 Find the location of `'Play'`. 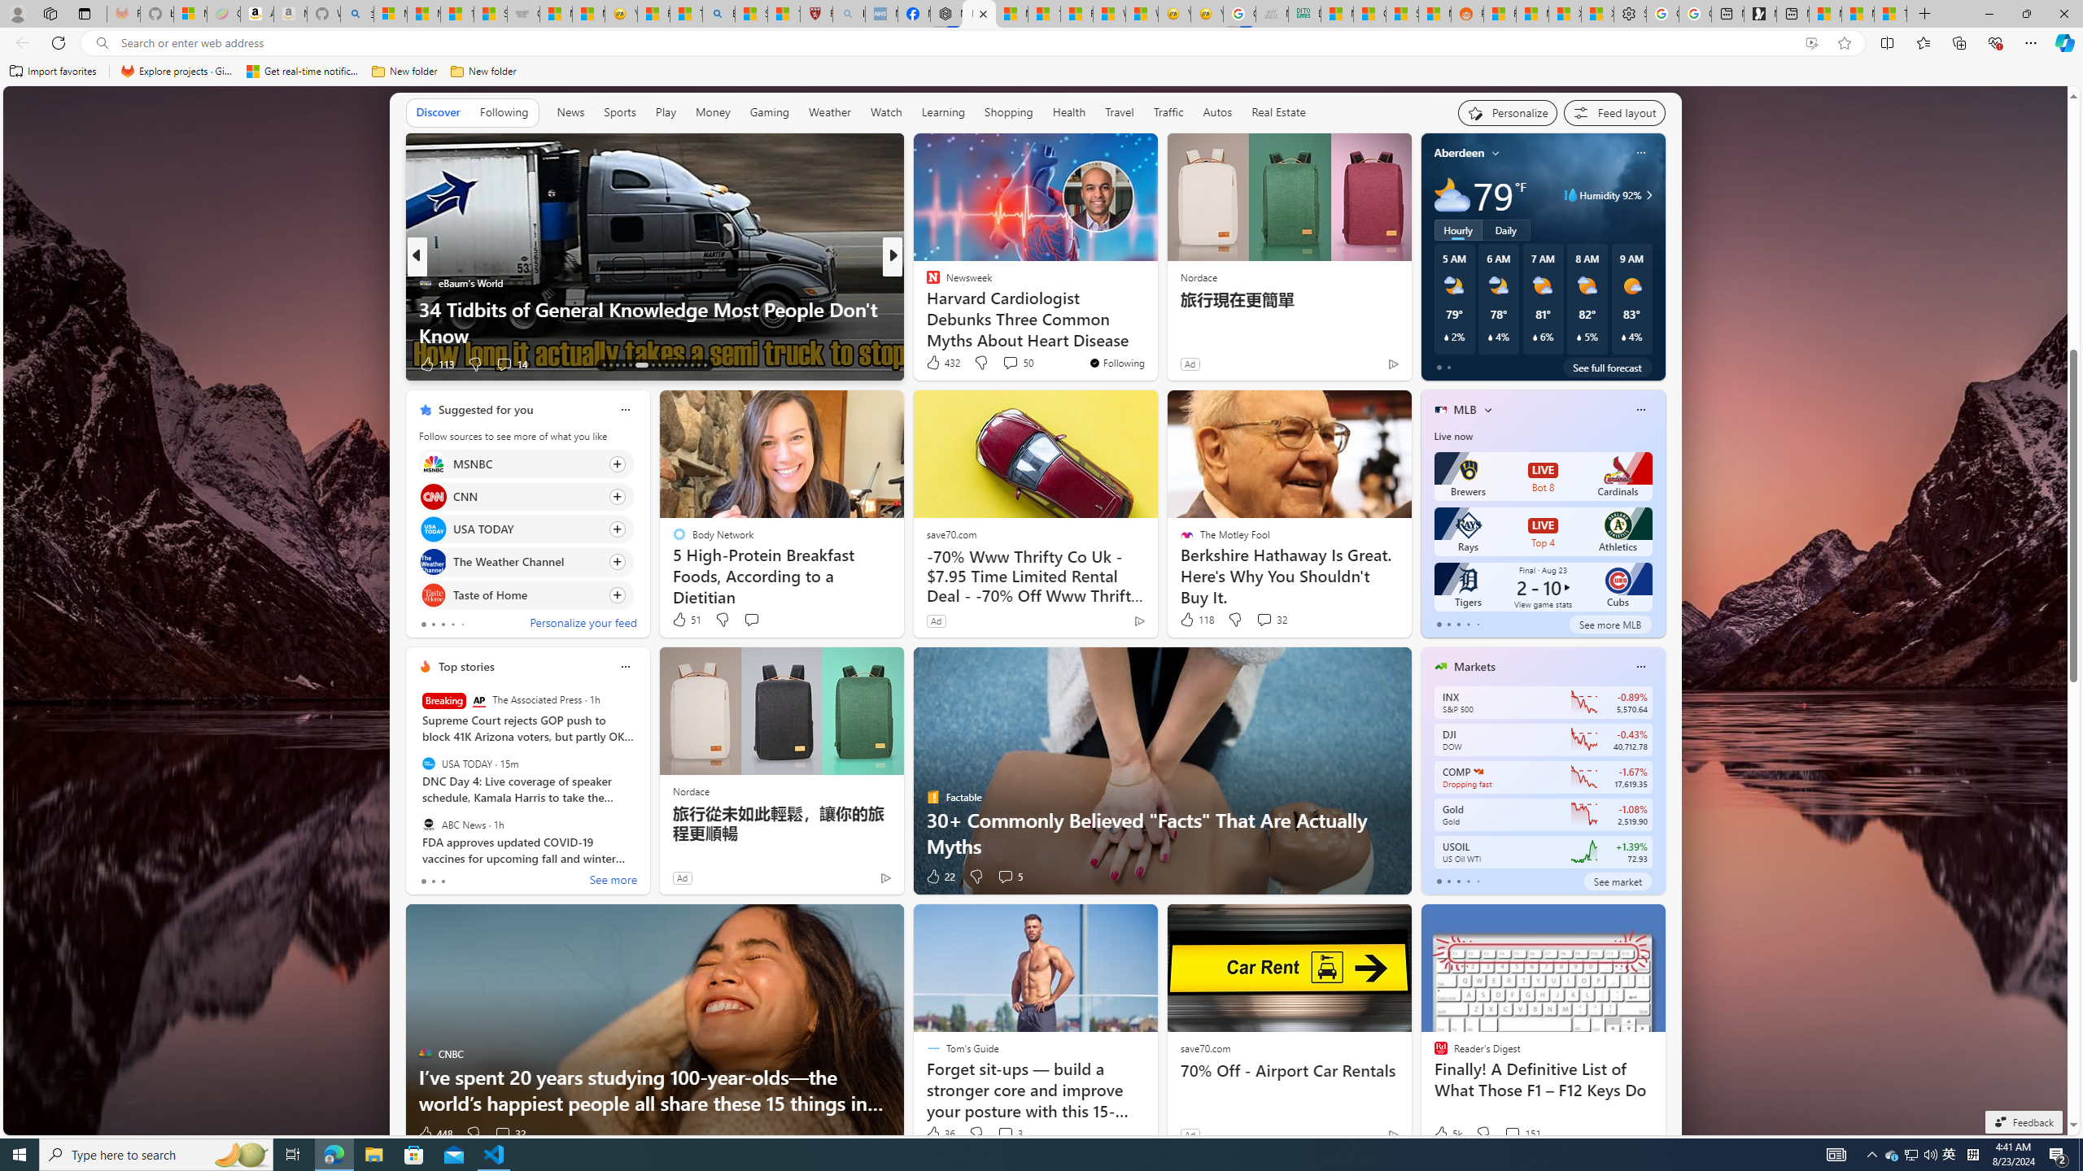

'Play' is located at coordinates (664, 112).